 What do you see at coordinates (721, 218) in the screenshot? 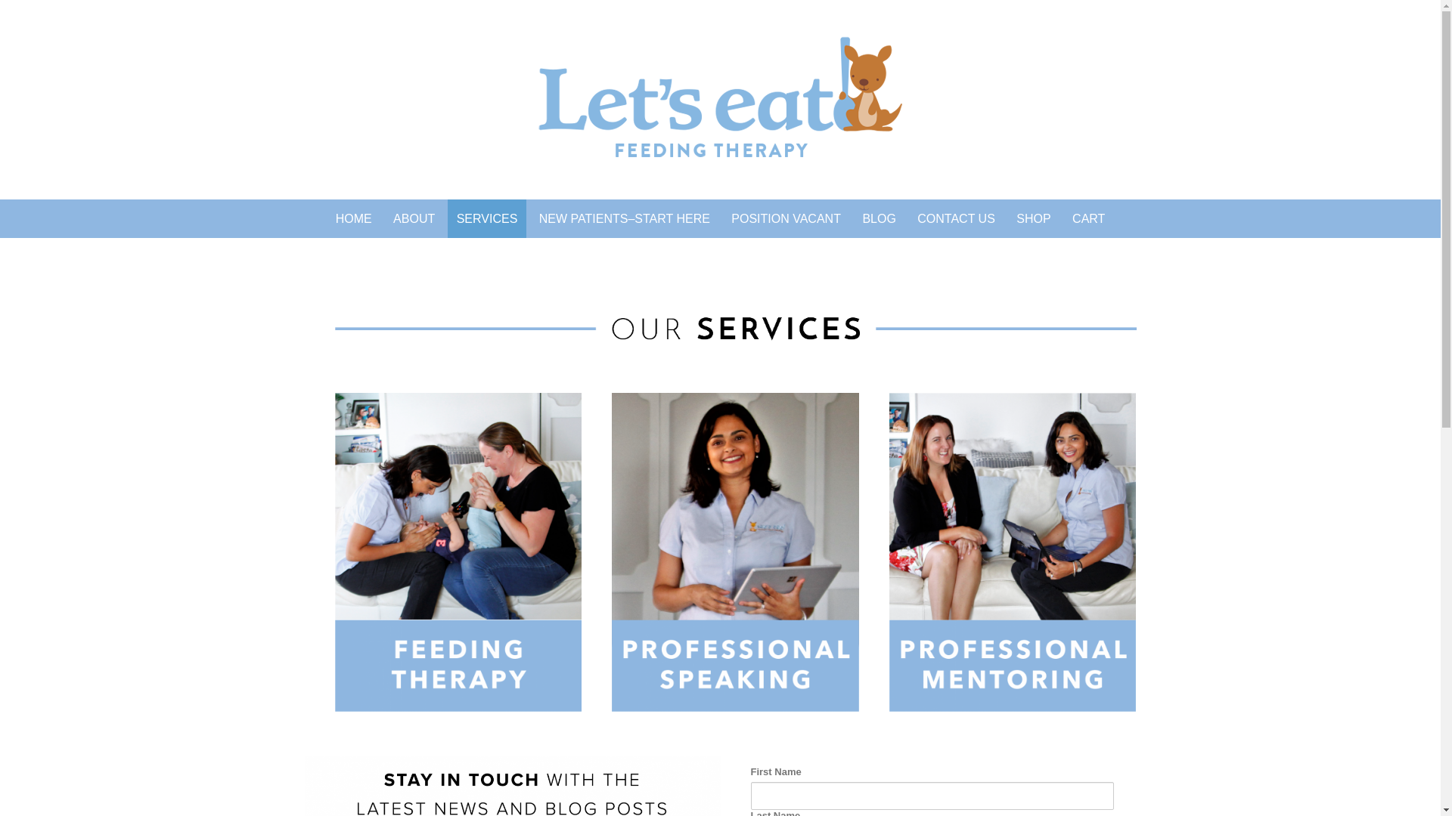
I see `'POSITION VACANT'` at bounding box center [721, 218].